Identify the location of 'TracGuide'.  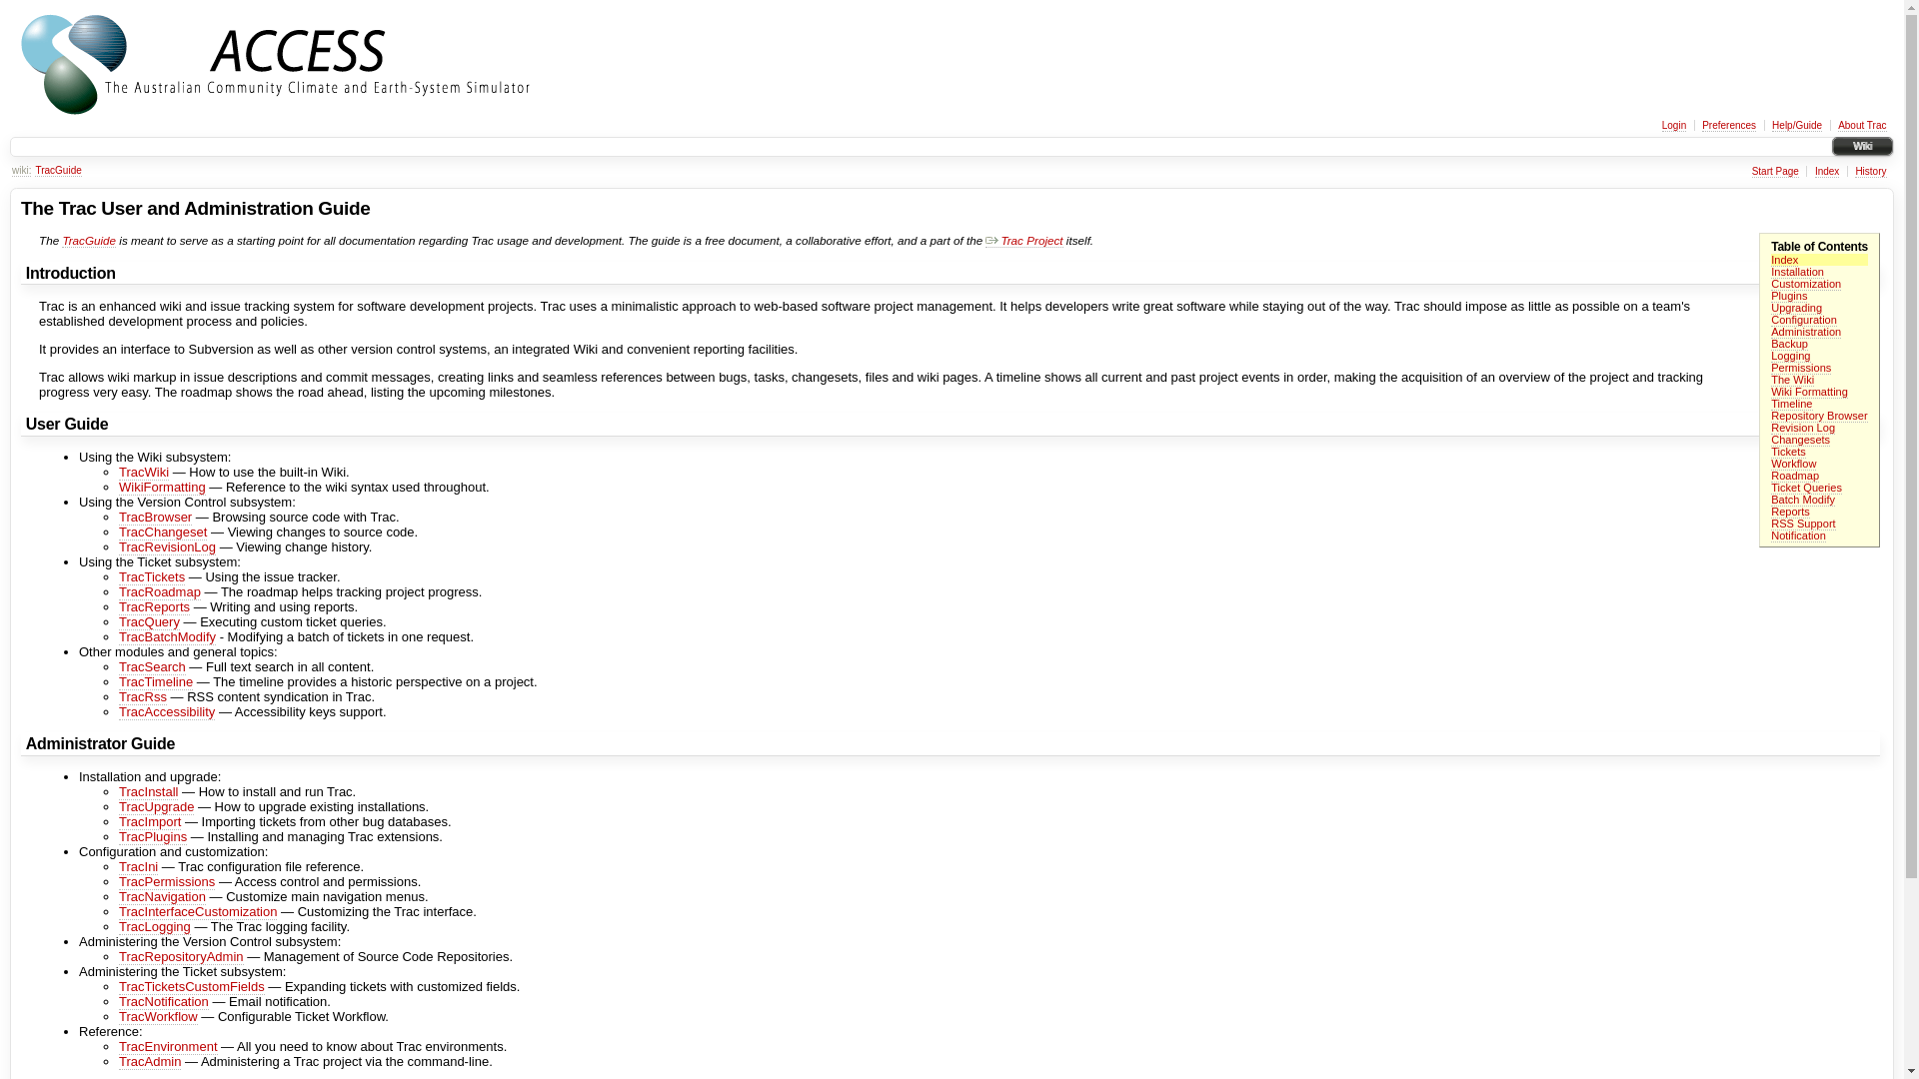
(34, 169).